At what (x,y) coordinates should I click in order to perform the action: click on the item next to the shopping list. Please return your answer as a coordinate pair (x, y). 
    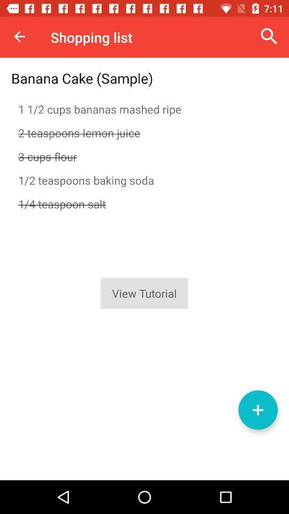
    Looking at the image, I should click on (19, 36).